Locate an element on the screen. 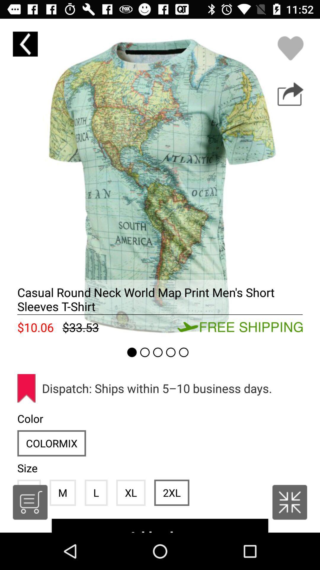 The width and height of the screenshot is (320, 570). add to bag item is located at coordinates (160, 525).